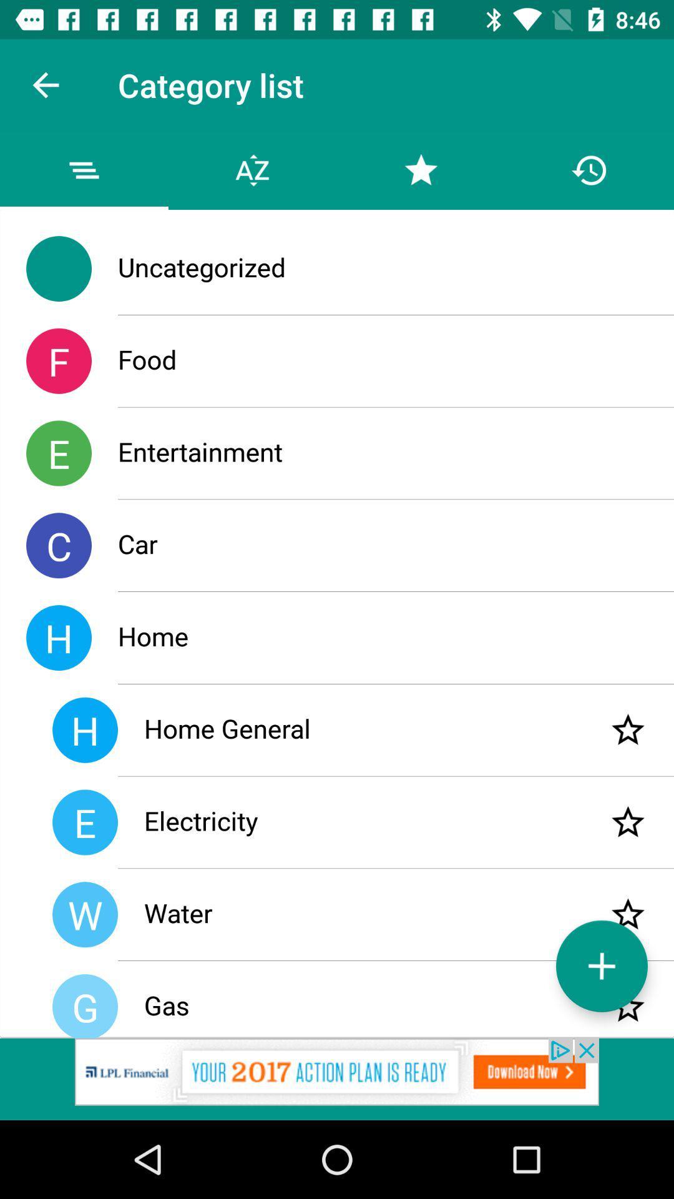 This screenshot has height=1199, width=674. Describe the element at coordinates (601, 965) in the screenshot. I see `new` at that location.